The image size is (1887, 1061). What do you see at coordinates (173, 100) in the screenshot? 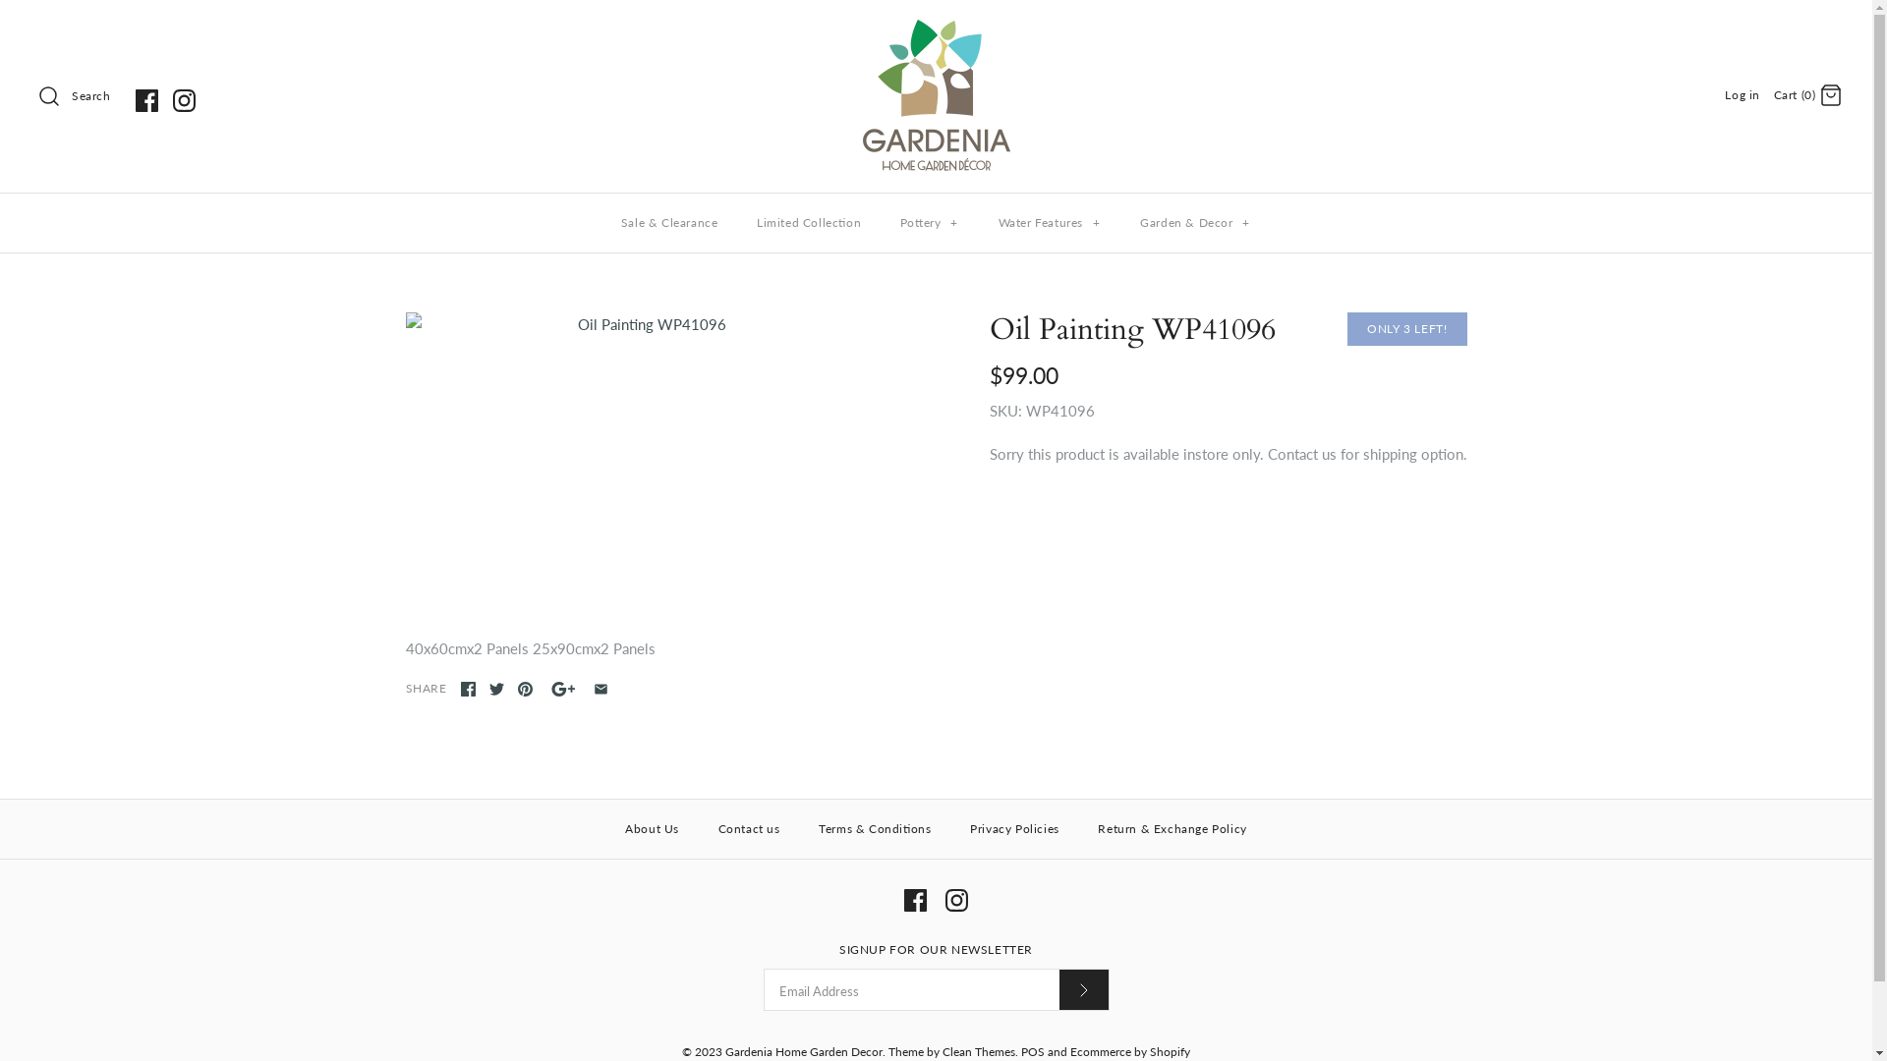
I see `'Instagram'` at bounding box center [173, 100].